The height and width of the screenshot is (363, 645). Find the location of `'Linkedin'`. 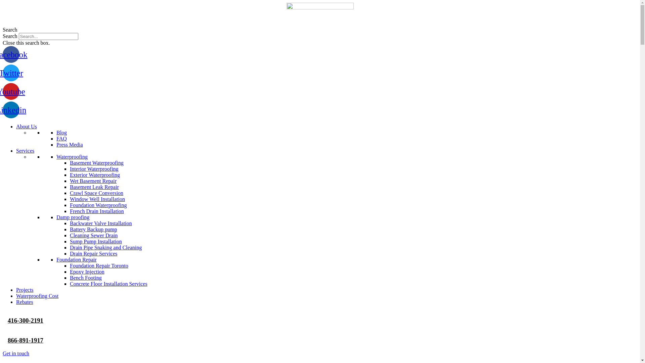

'Linkedin' is located at coordinates (11, 110).